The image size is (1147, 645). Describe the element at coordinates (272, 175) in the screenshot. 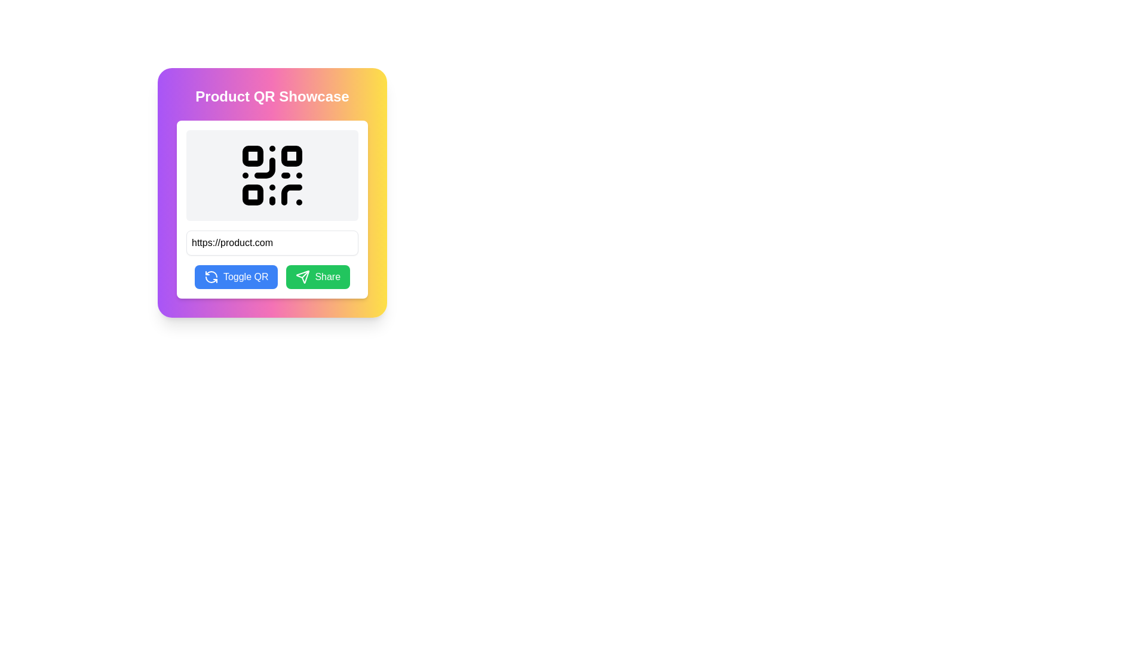

I see `the QR Code Display element, which features a black QR code on a light gray background, located at the top of the 'Product QR Showcase' interface` at that location.